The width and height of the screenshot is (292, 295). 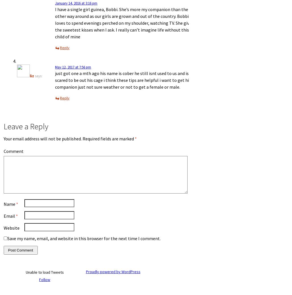 I want to click on 'Required fields are marked', so click(x=108, y=138).